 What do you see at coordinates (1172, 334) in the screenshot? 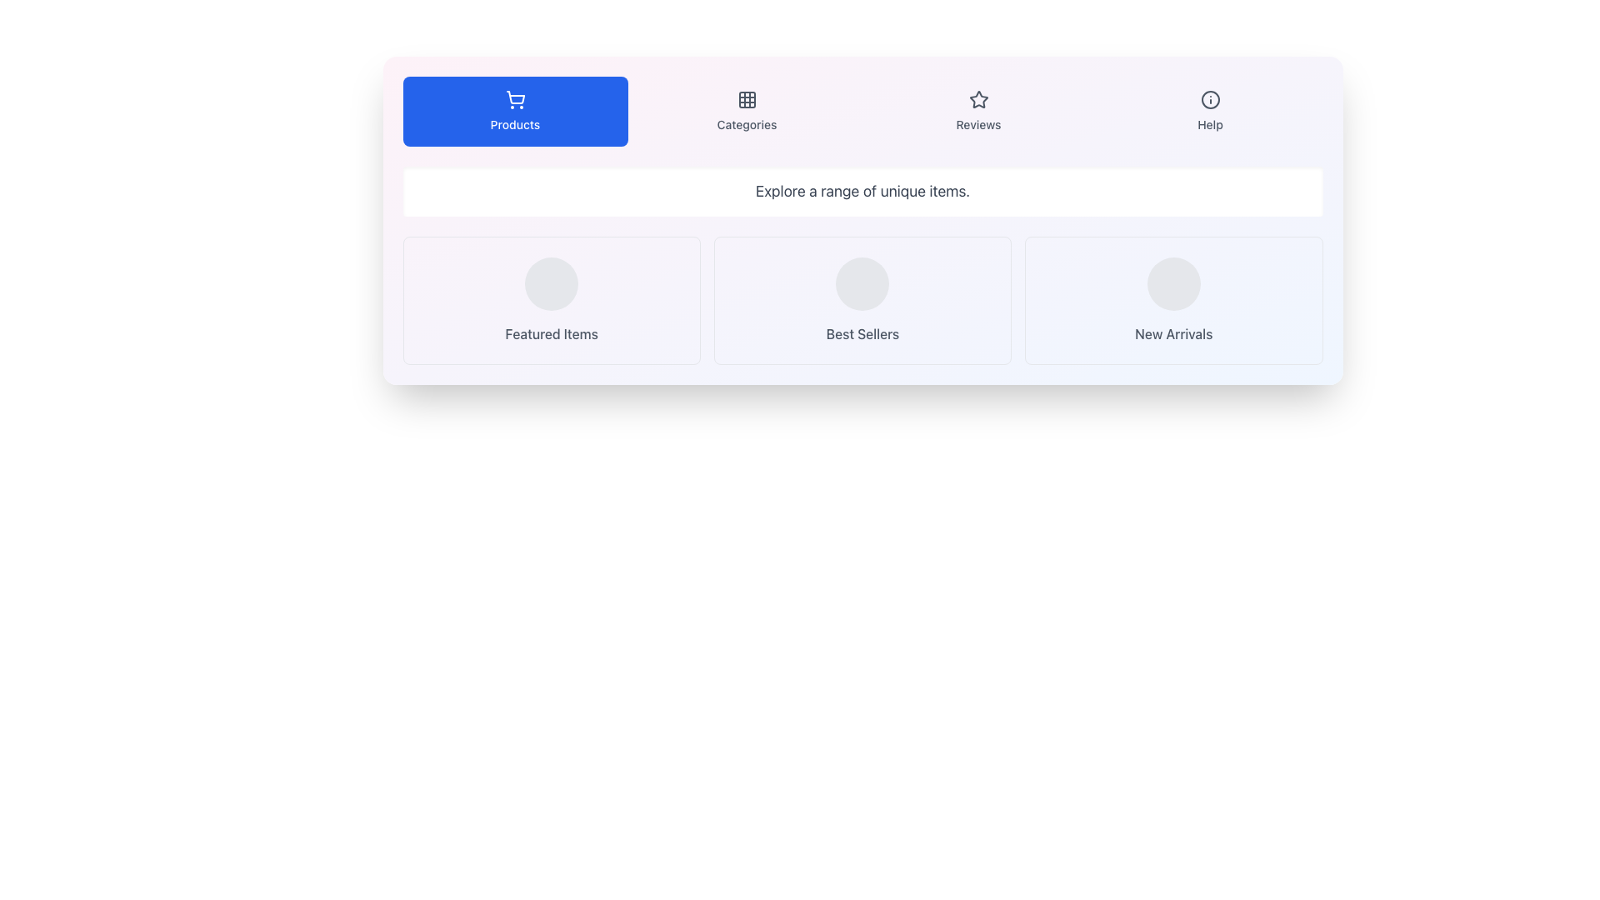
I see `the 'New Arrivals' text label styled in gray color with a medium-weight font, located in the bottom right of a horizontal list of cards, below a circular graphic` at bounding box center [1172, 334].